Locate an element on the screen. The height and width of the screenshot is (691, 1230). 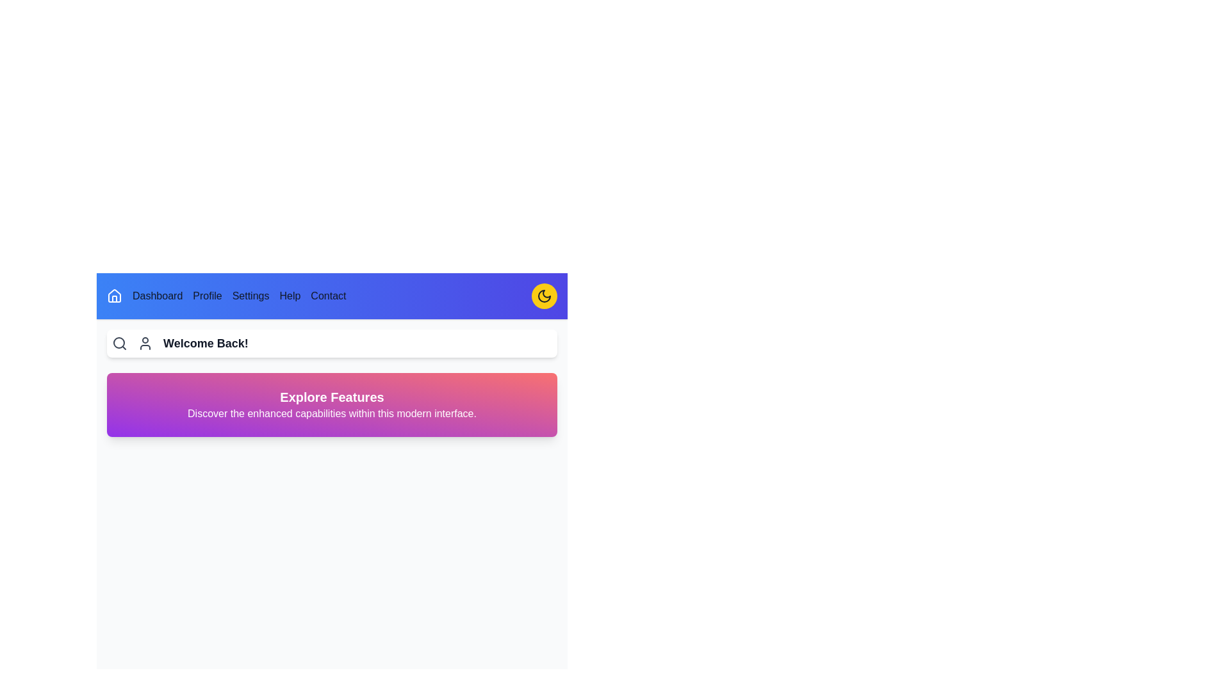
the navigation menu item Contact is located at coordinates (329, 296).